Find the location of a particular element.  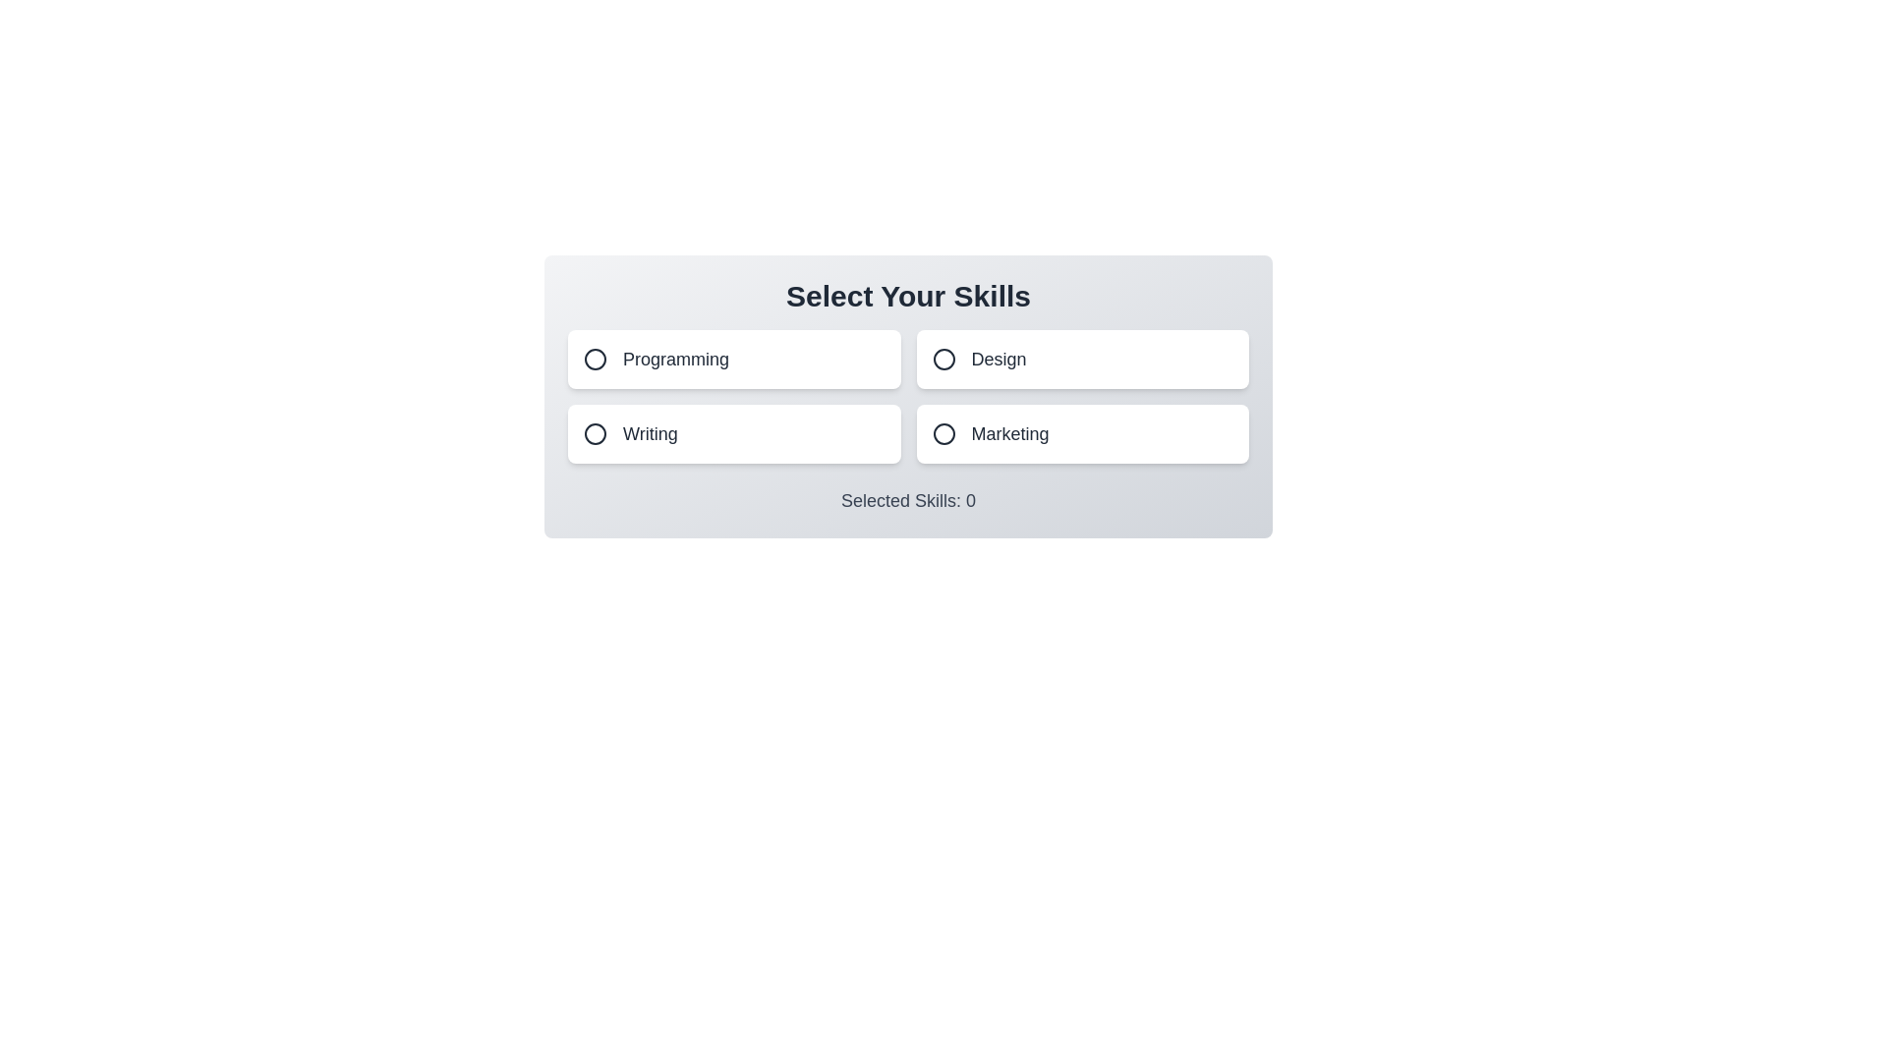

the skill button corresponding to Design is located at coordinates (1081, 360).